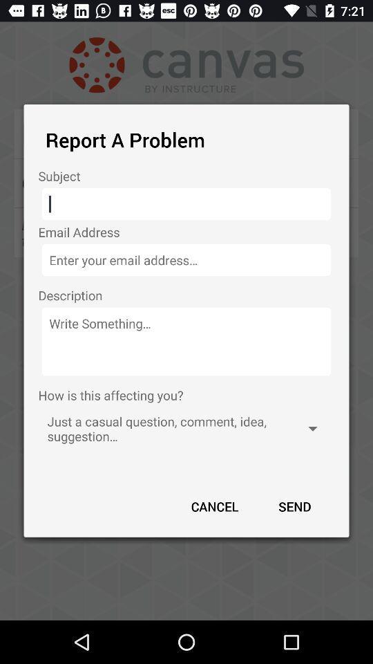 The image size is (373, 664). I want to click on button at the bottom right corner, so click(294, 506).